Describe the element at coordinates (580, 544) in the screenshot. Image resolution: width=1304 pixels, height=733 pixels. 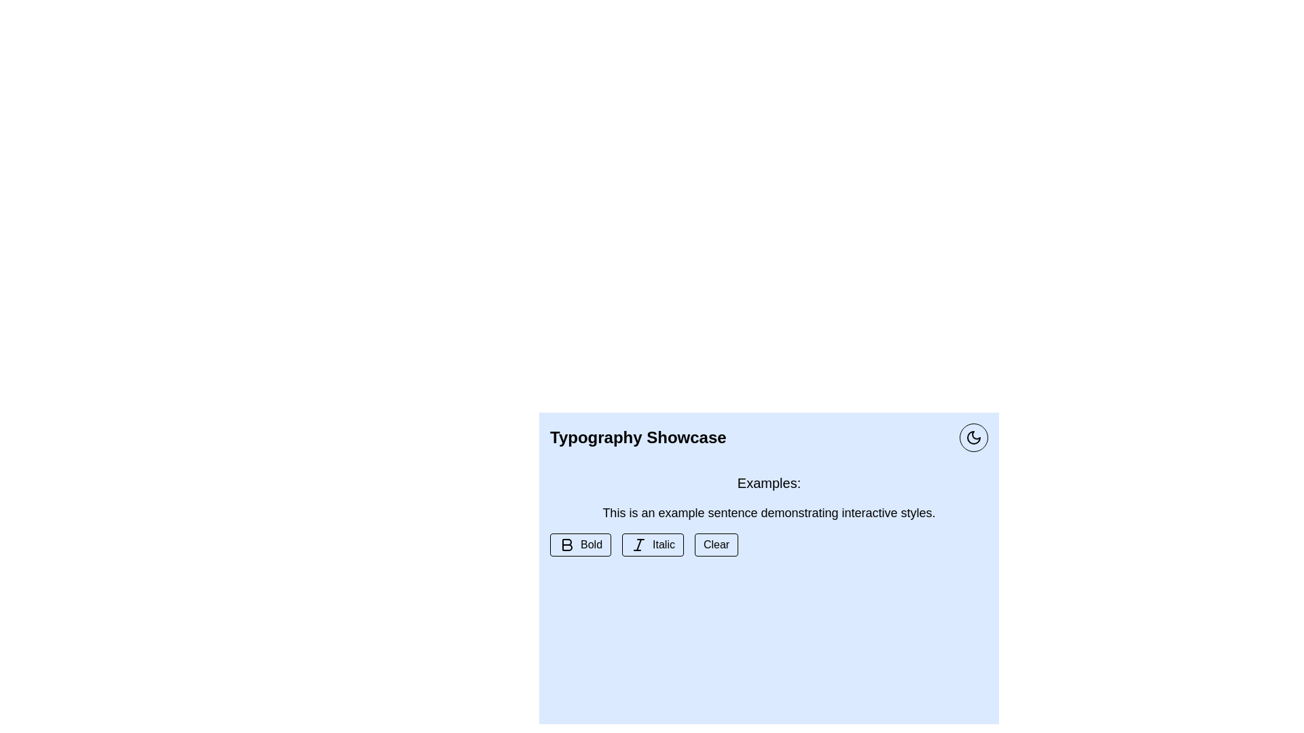
I see `the 'Bold' button in the 'Typography Showcase' section to activate its hover styling` at that location.